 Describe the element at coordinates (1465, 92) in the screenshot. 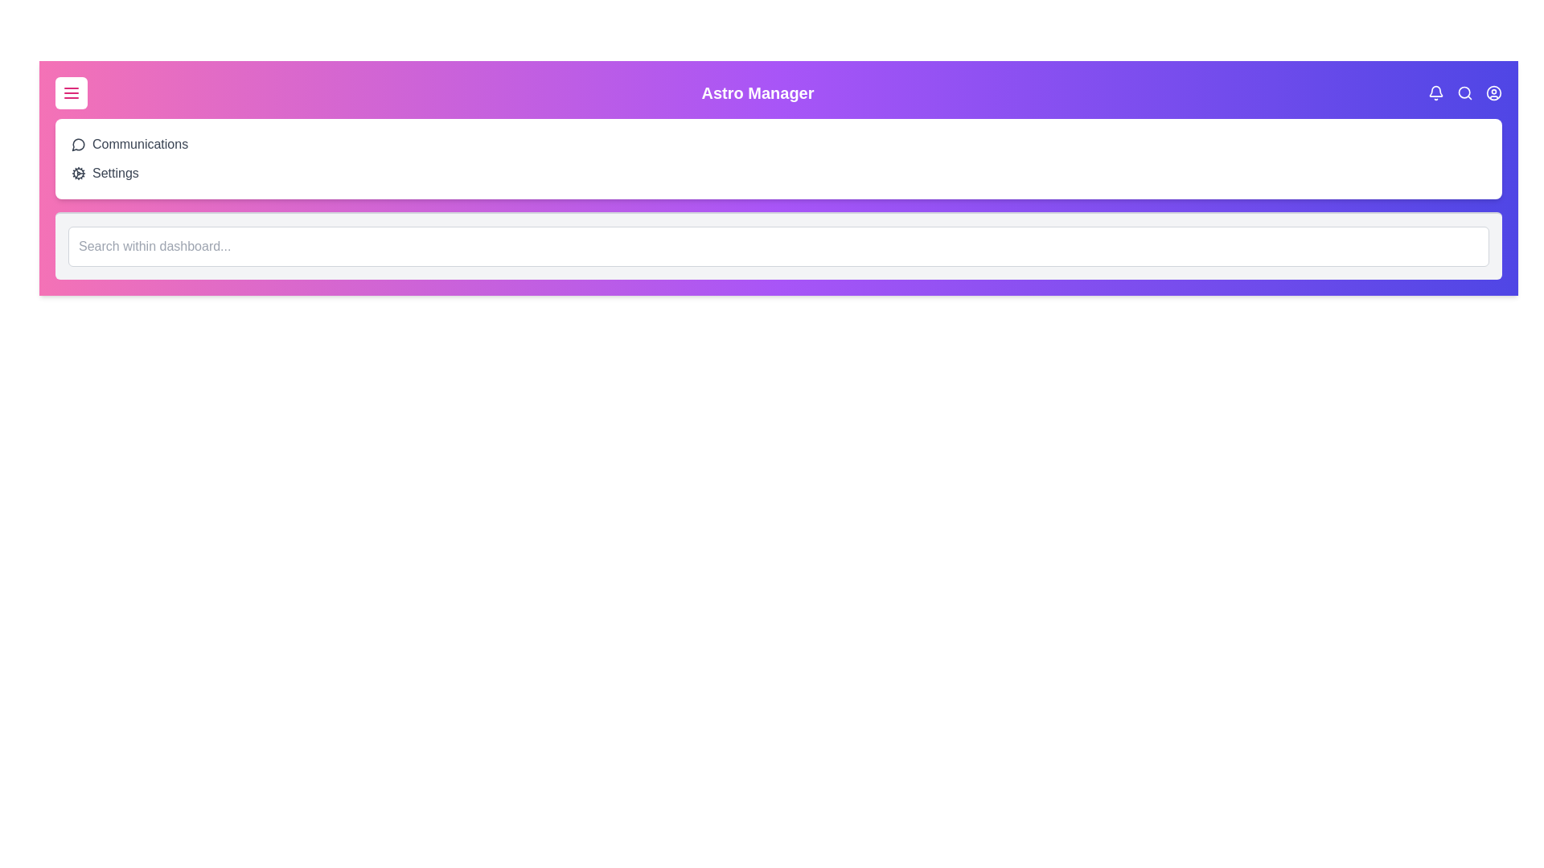

I see `the search icon to toggle the search bar` at that location.